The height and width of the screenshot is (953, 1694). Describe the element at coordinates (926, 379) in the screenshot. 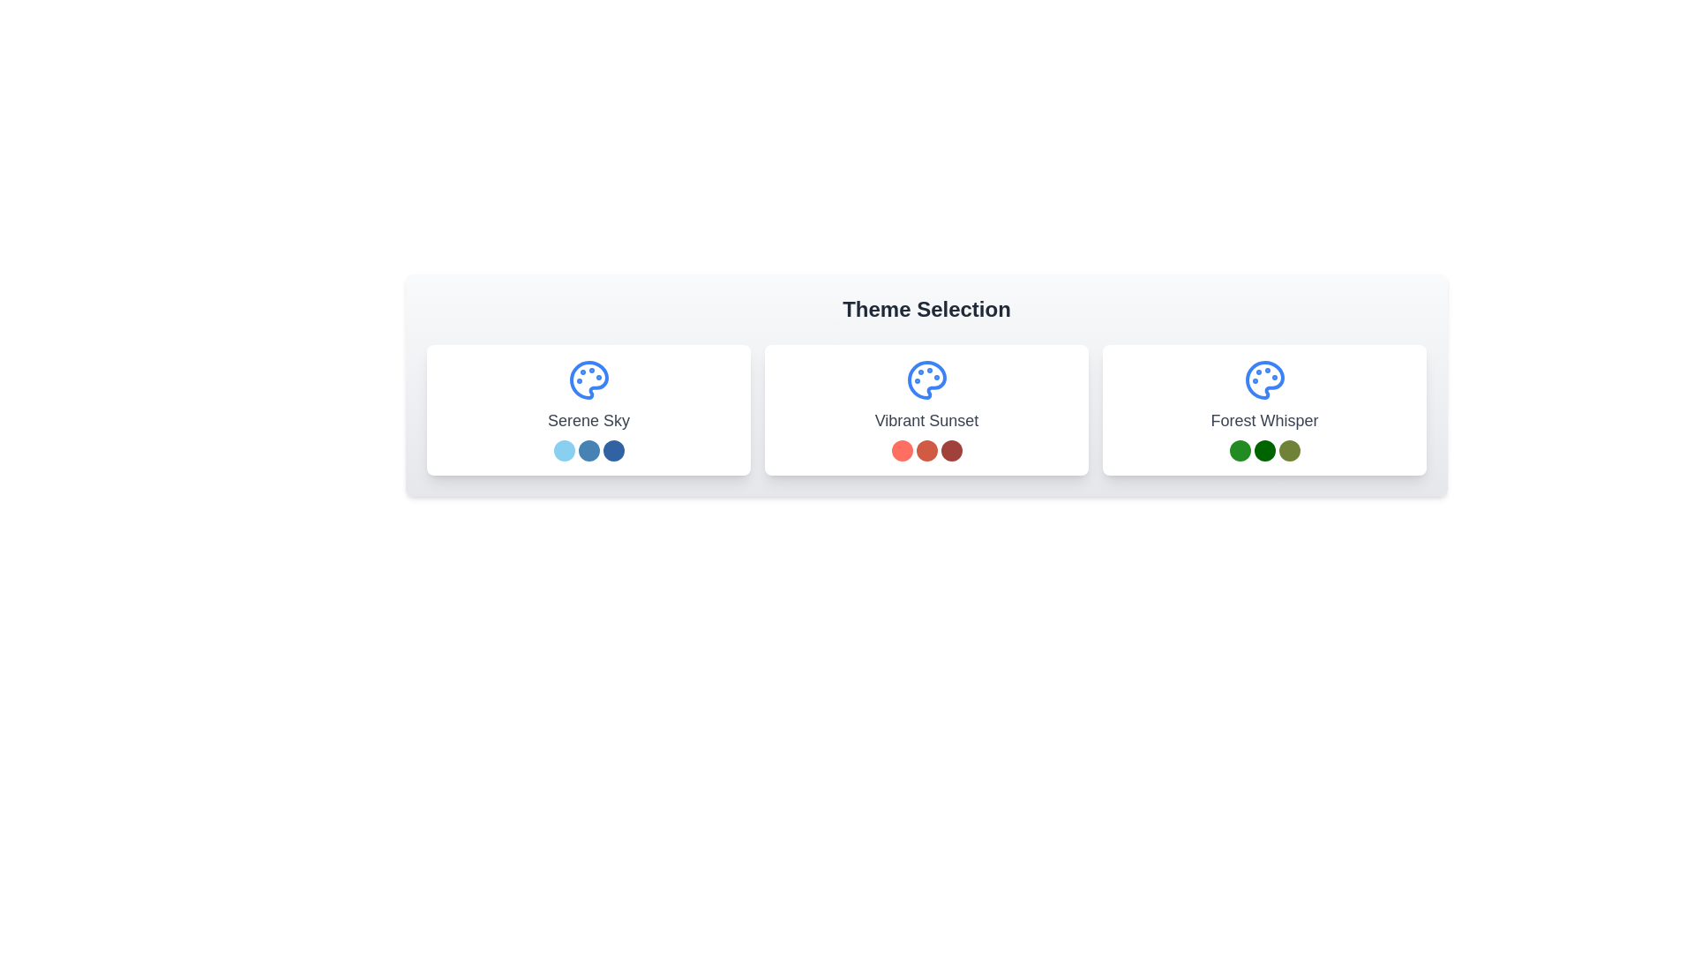

I see `the blue-colored palette icon located at the center of the 'Vibrant Sunset' card` at that location.